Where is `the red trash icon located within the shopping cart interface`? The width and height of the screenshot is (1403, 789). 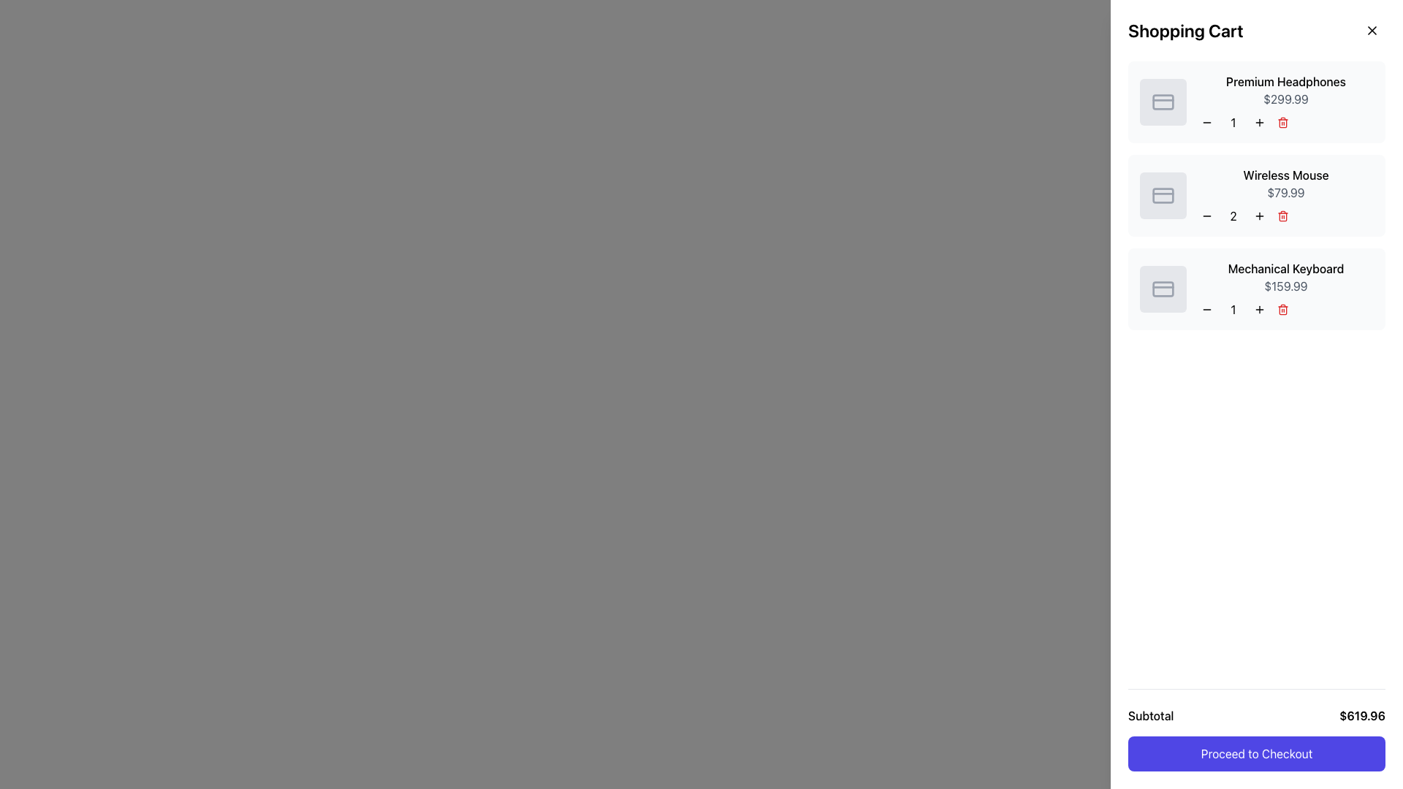
the red trash icon located within the shopping cart interface is located at coordinates (1286, 309).